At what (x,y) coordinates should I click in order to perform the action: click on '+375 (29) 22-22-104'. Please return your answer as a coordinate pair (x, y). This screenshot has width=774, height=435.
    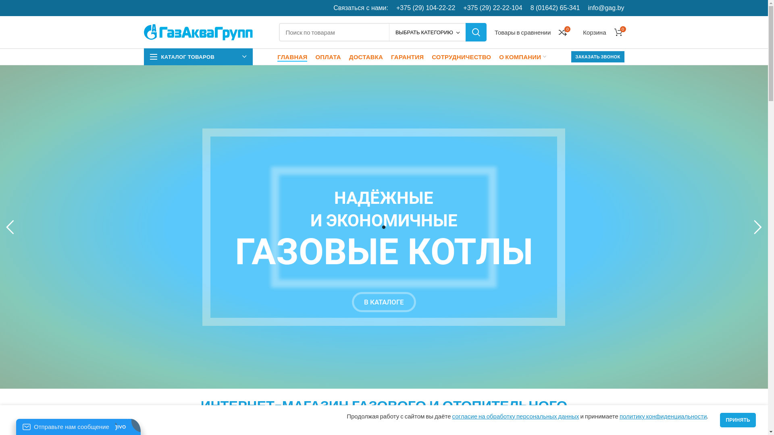
    Looking at the image, I should click on (492, 8).